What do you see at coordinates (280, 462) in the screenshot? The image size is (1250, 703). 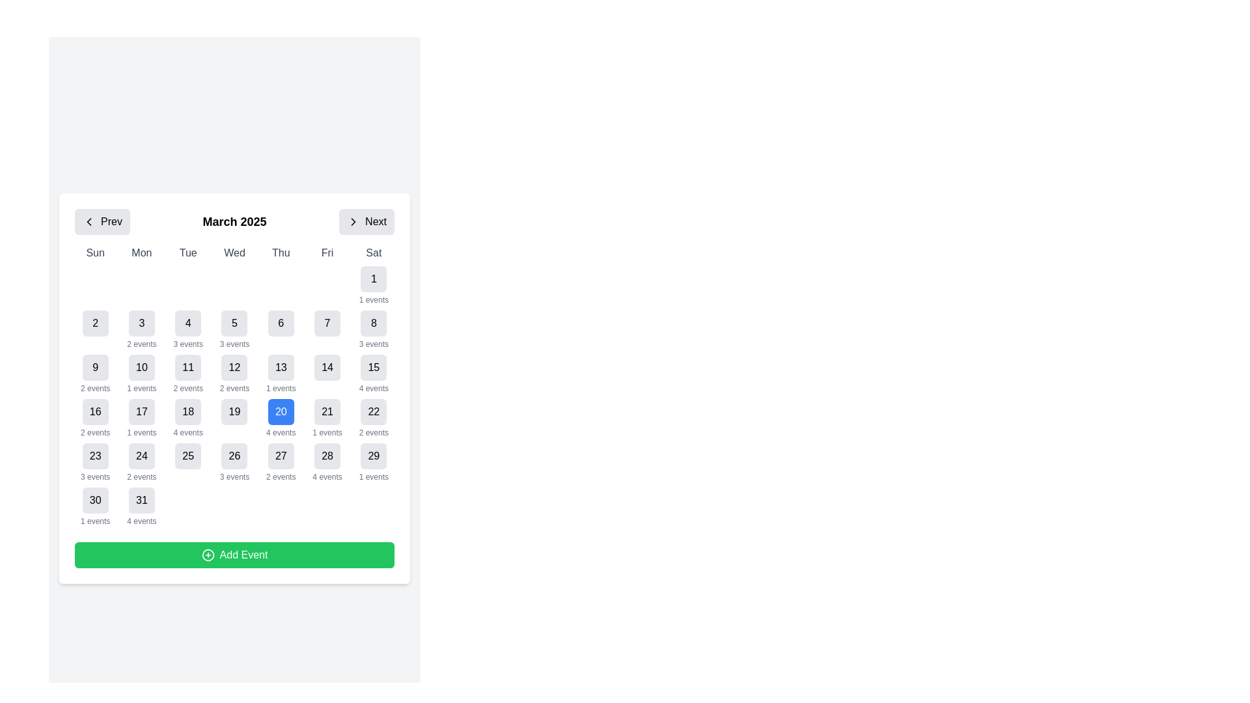 I see `the calendar grid cell representing a date` at bounding box center [280, 462].